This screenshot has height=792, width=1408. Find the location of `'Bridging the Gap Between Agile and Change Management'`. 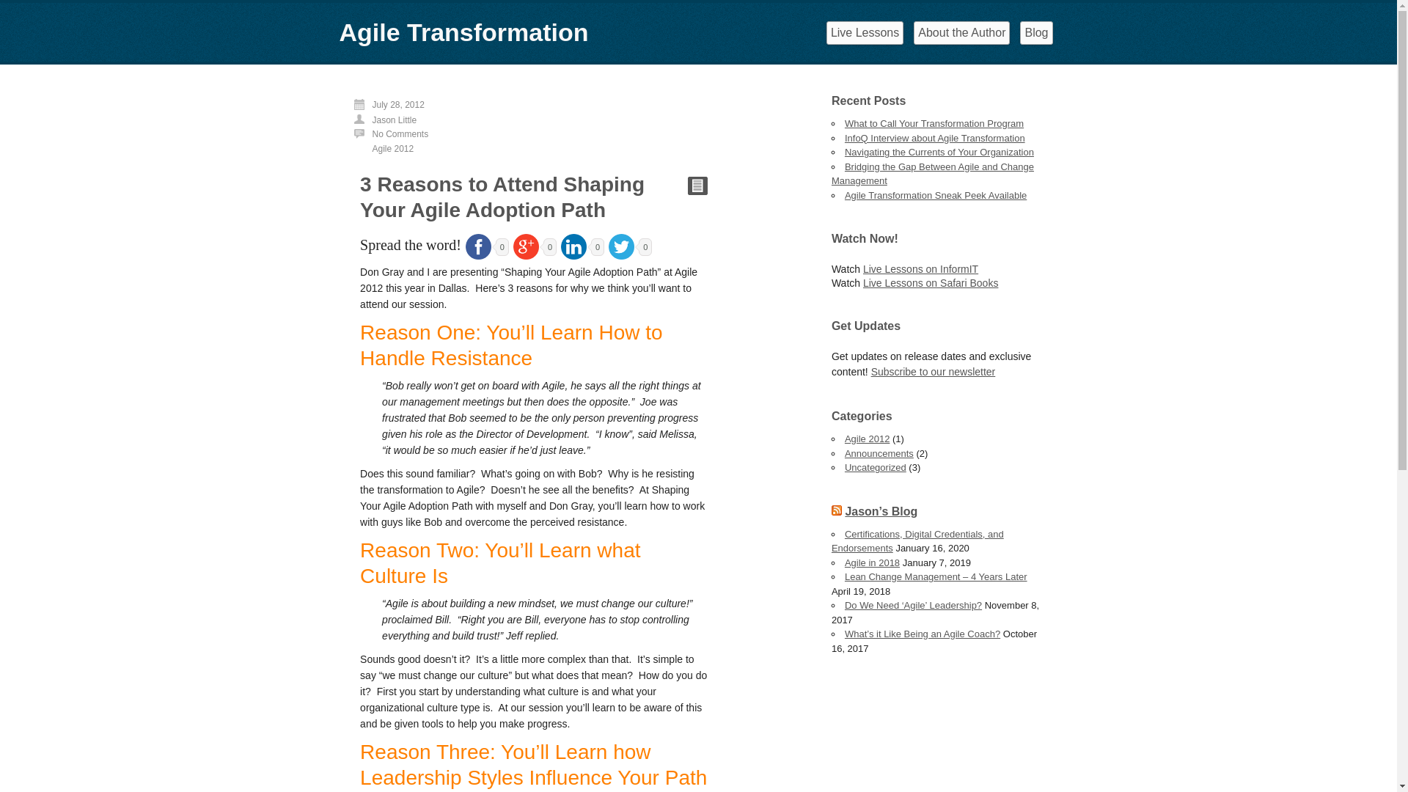

'Bridging the Gap Between Agile and Change Management' is located at coordinates (932, 173).